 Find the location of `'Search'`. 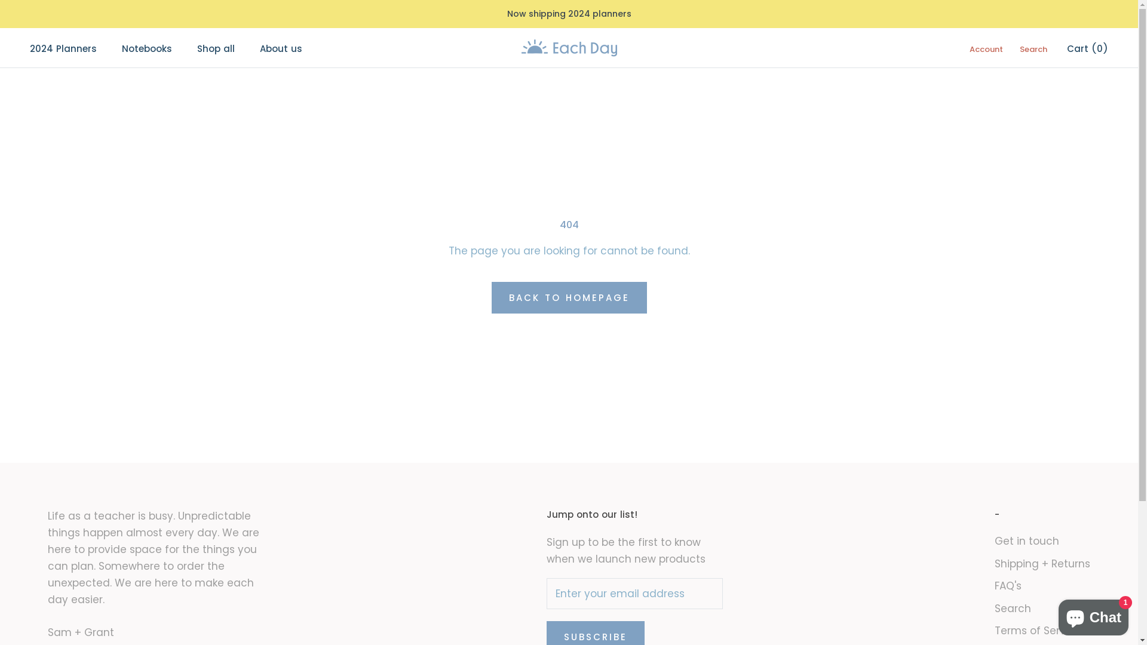

'Search' is located at coordinates (1032, 48).